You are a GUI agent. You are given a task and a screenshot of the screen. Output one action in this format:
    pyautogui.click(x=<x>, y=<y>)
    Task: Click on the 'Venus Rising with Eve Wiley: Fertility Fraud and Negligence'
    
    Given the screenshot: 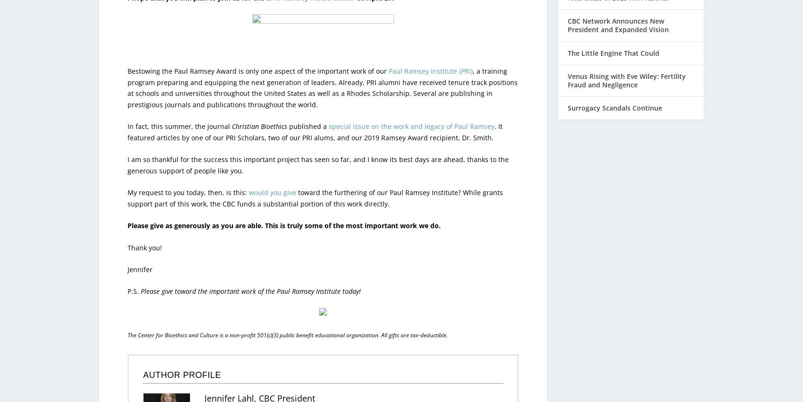 What is the action you would take?
    pyautogui.click(x=567, y=60)
    